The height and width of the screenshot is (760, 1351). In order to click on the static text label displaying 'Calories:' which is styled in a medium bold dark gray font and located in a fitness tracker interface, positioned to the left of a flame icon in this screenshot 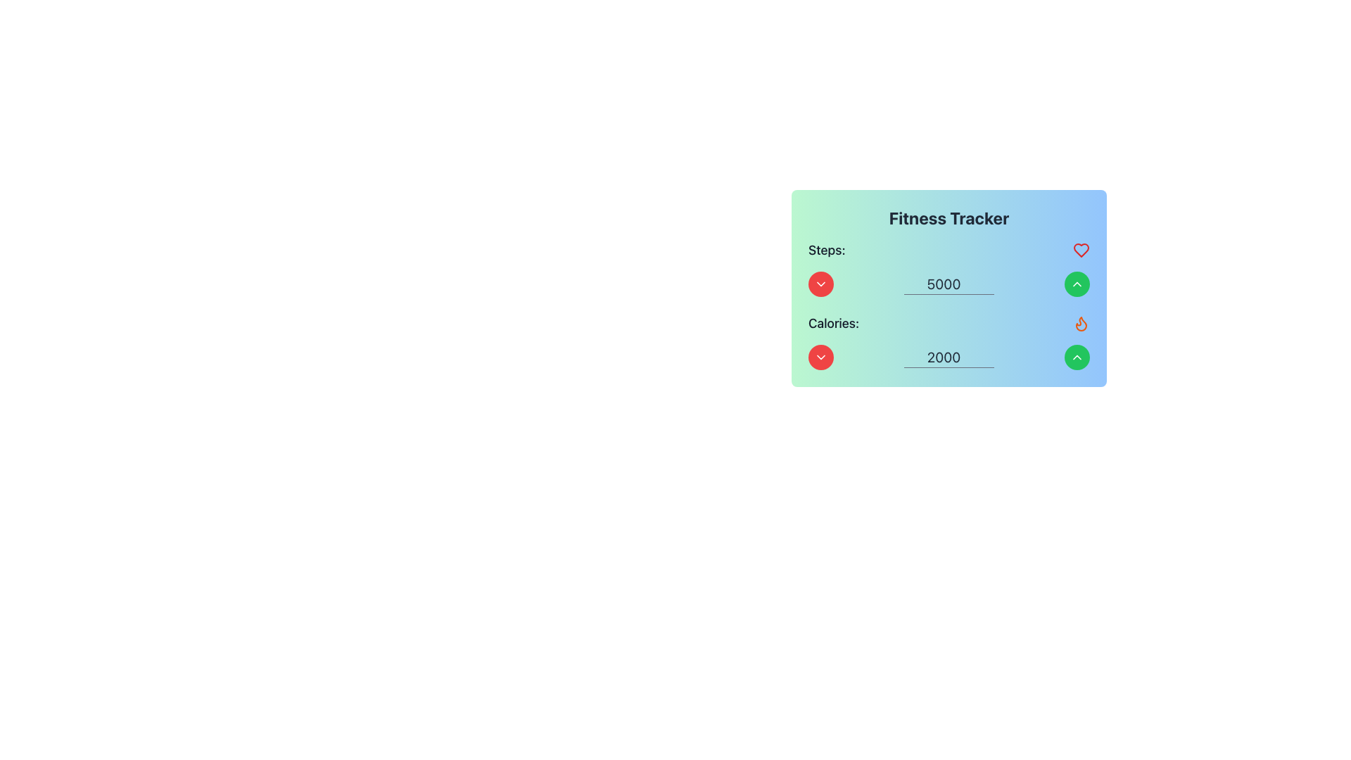, I will do `click(834, 323)`.